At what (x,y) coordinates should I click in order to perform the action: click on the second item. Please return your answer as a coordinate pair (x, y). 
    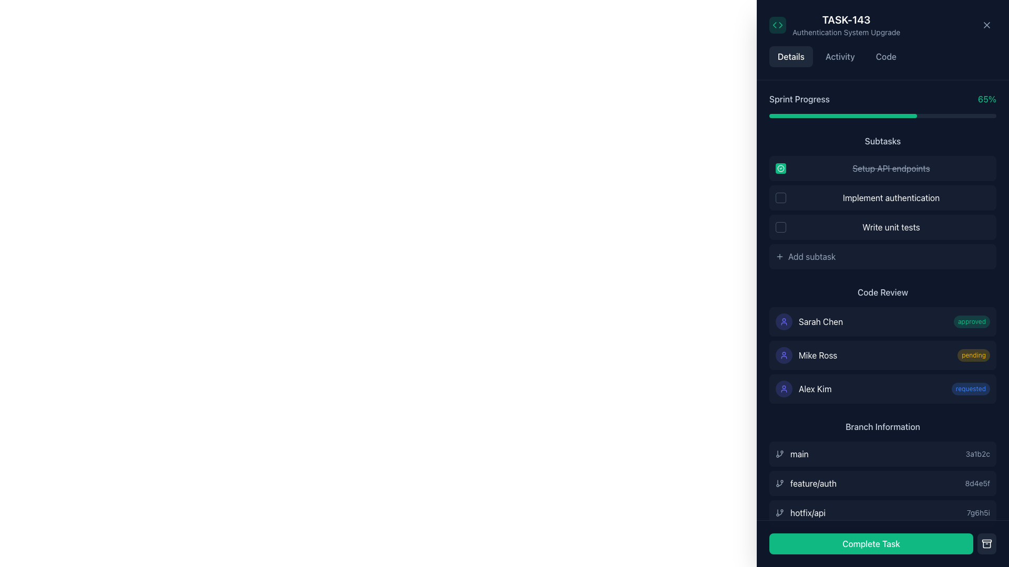
    Looking at the image, I should click on (883, 484).